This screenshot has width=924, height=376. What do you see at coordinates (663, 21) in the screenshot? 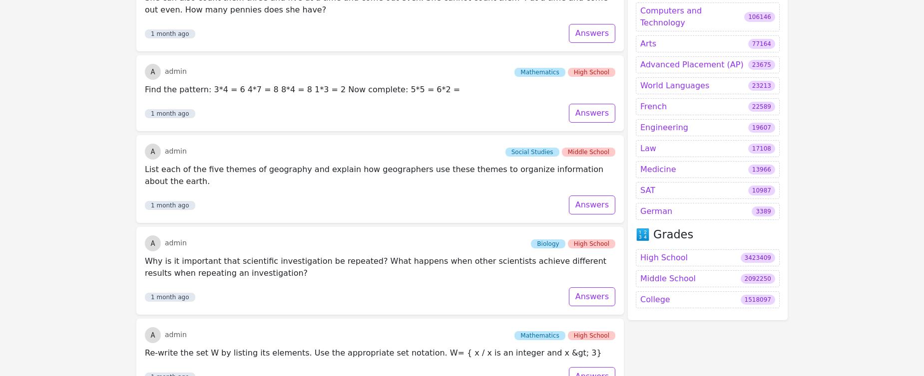
I see `'Engineering'` at bounding box center [663, 21].